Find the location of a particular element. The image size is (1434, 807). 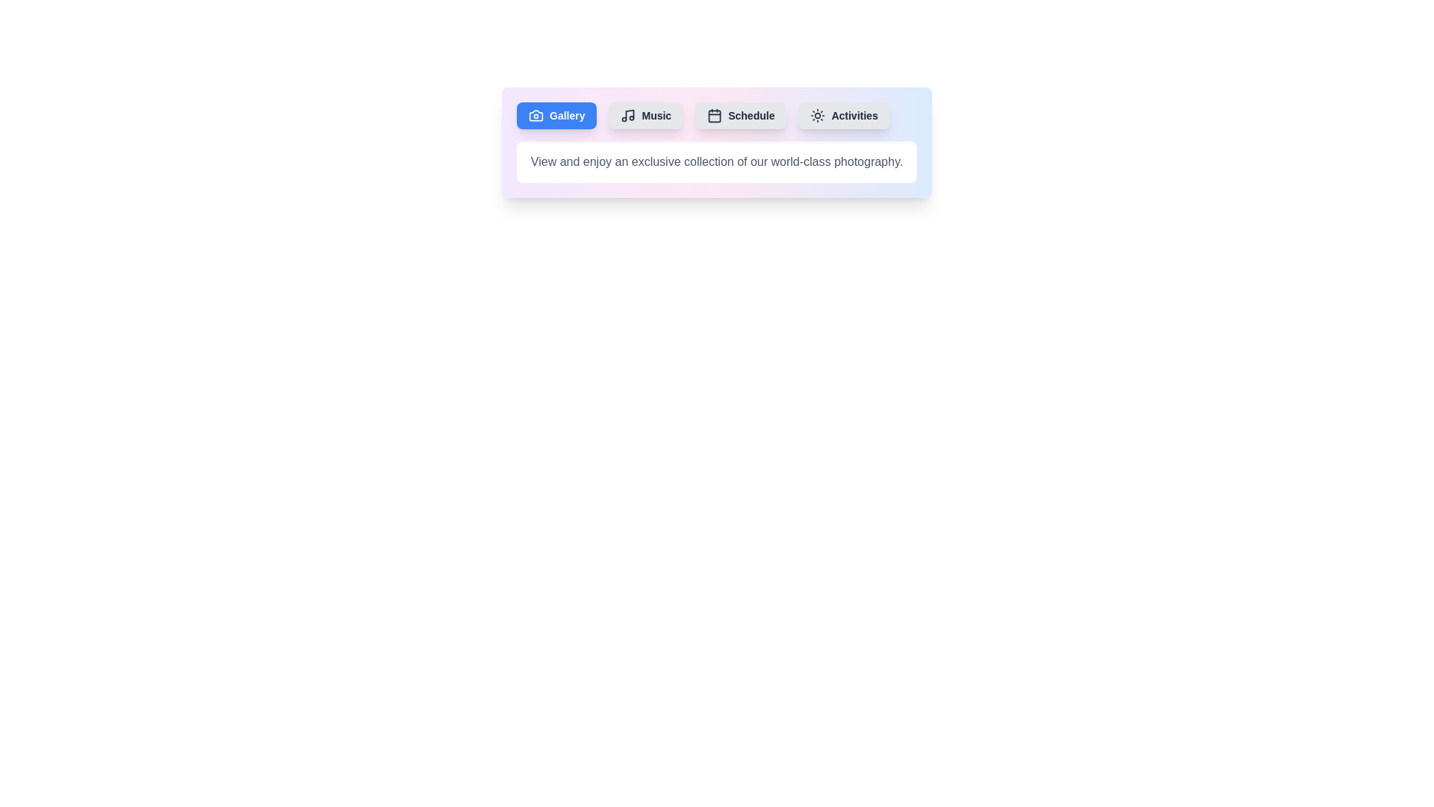

the tab labeled Music is located at coordinates (646, 114).